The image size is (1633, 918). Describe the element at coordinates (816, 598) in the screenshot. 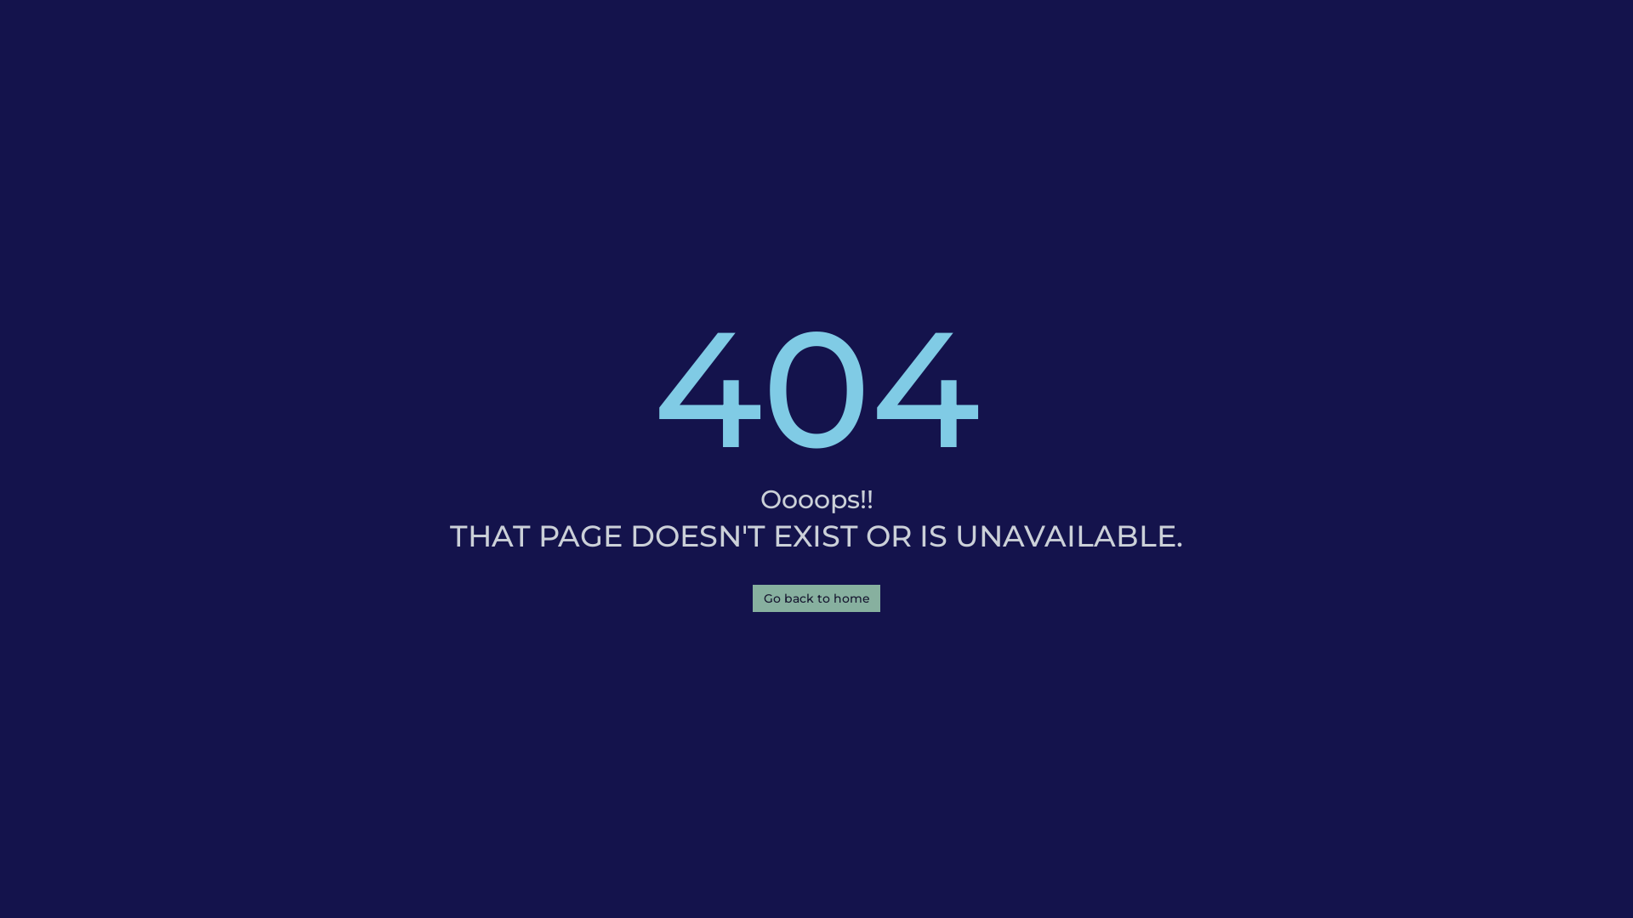

I see `'Go back to home'` at that location.